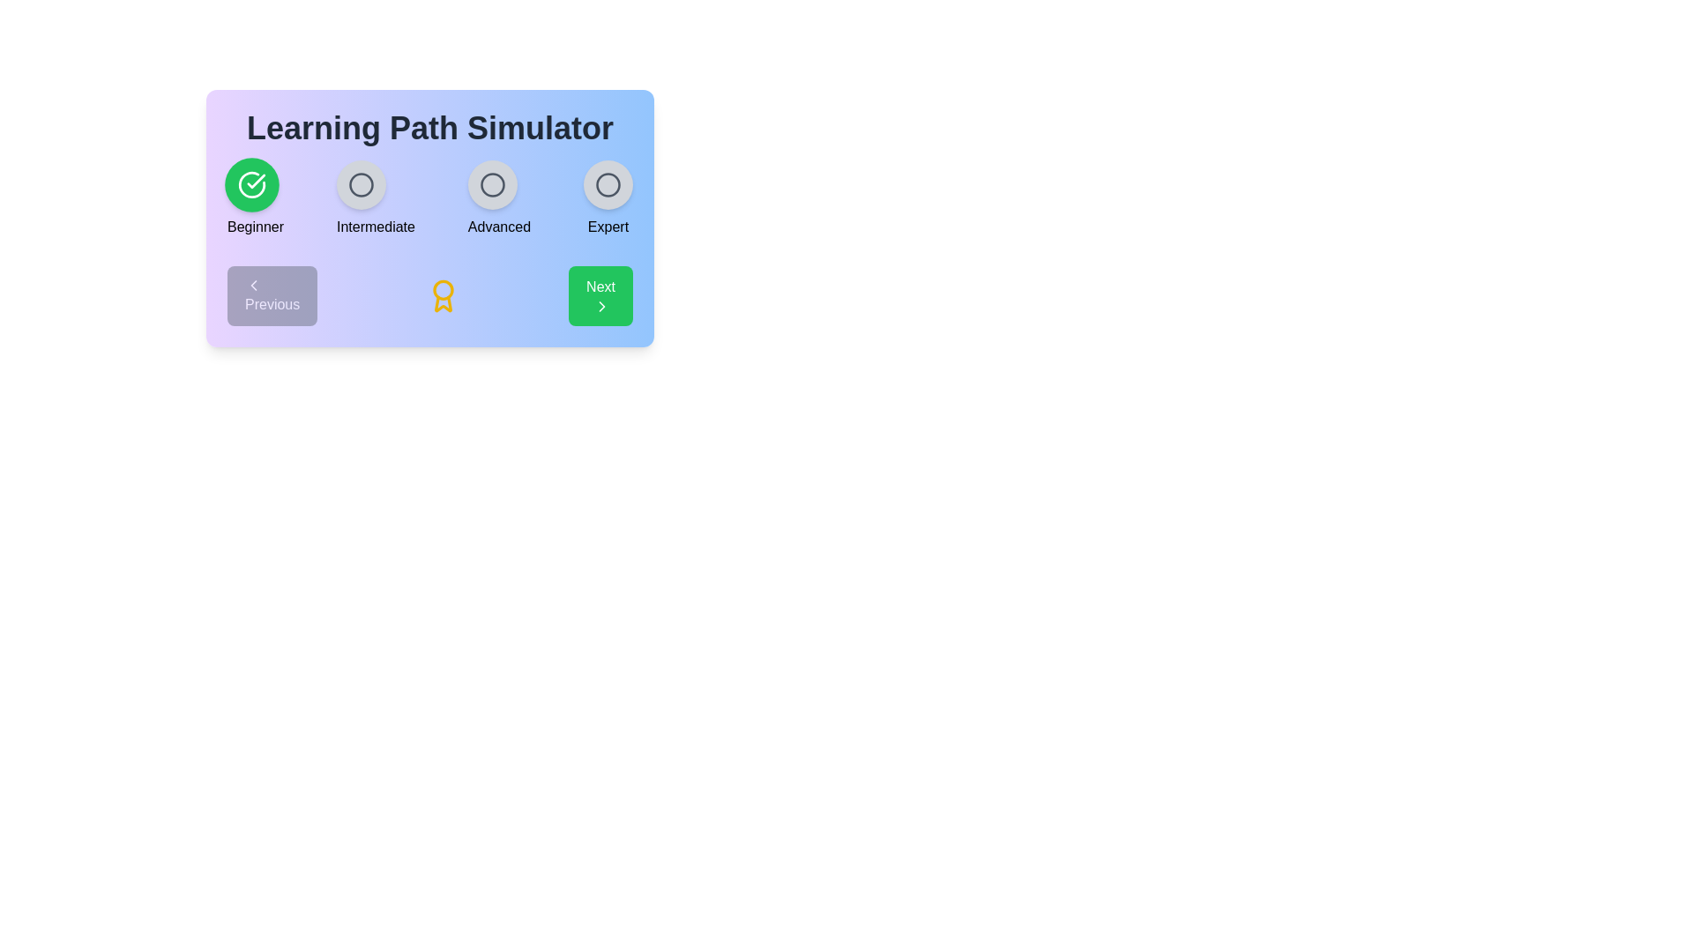 The height and width of the screenshot is (952, 1693). What do you see at coordinates (492, 184) in the screenshot?
I see `the radio button indicator for the 'Advanced' category in the horizontal selection group of levels` at bounding box center [492, 184].